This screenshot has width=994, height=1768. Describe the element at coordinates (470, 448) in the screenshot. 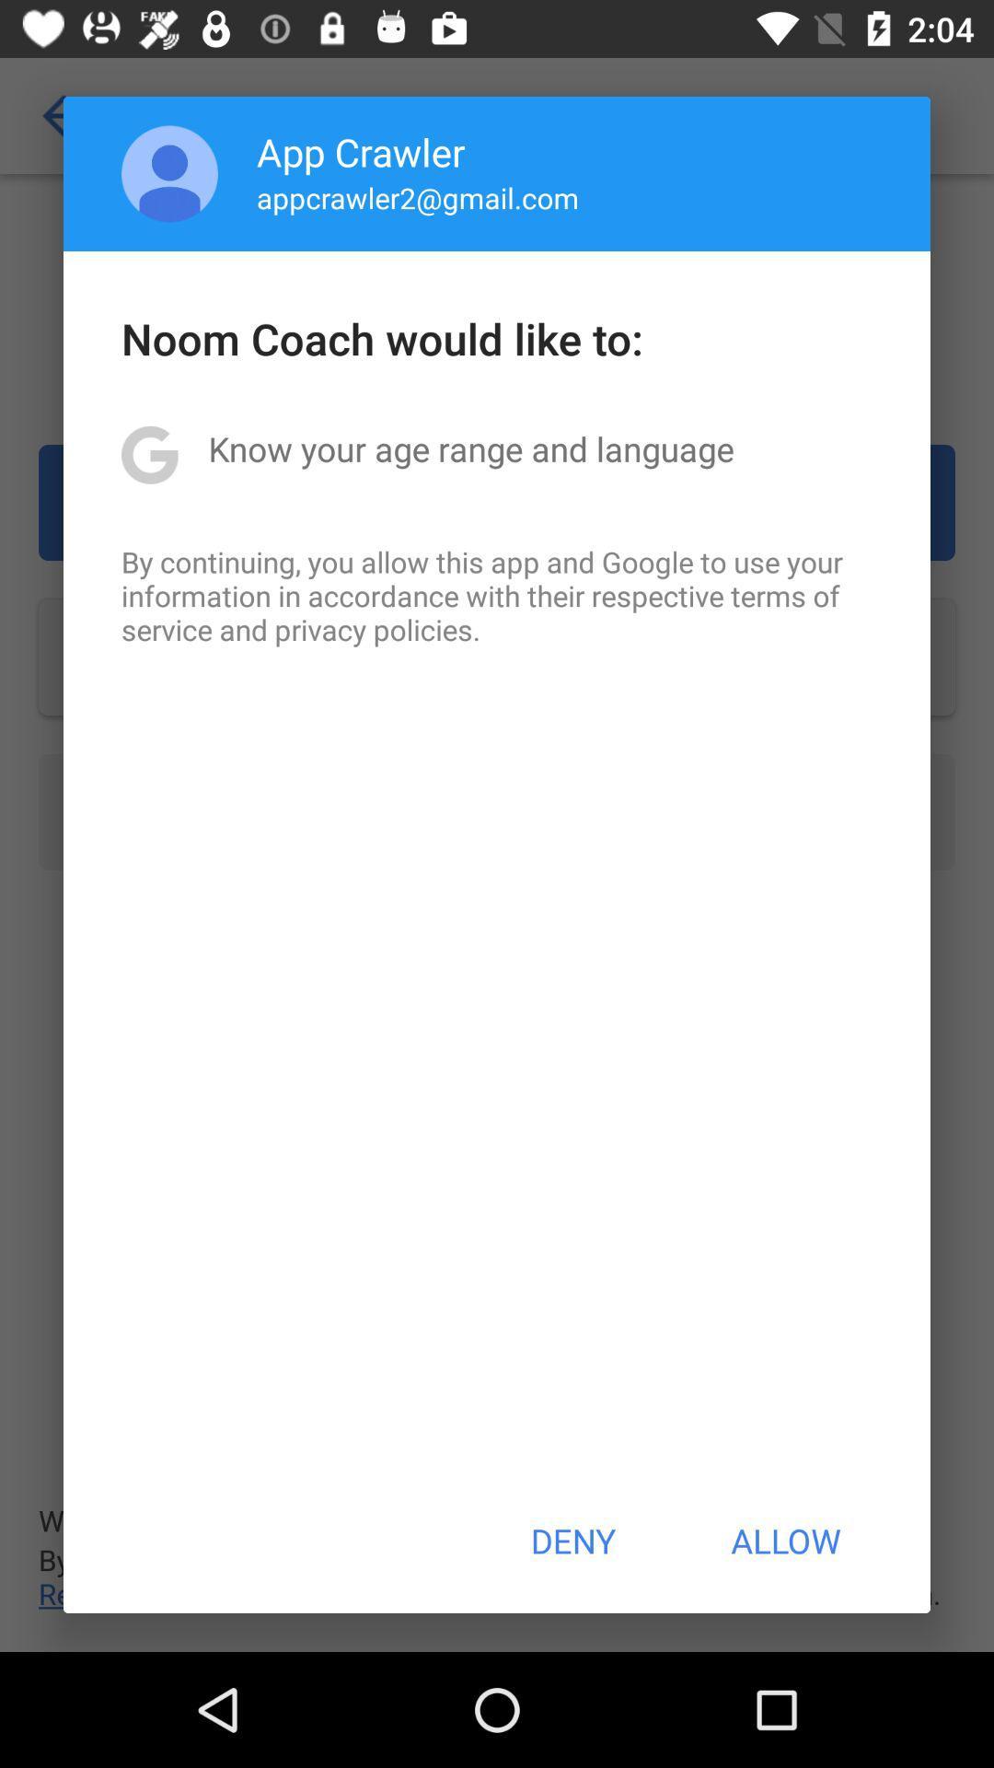

I see `icon below the noom coach would` at that location.